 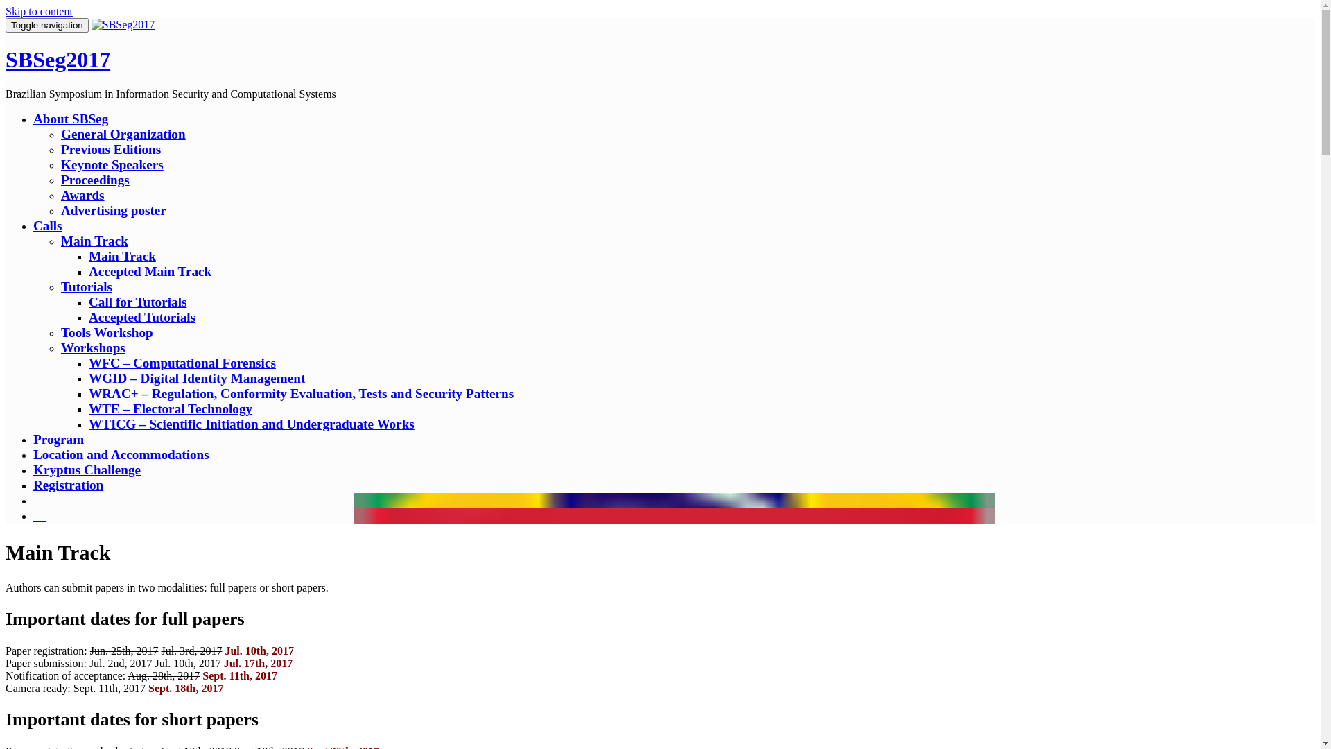 I want to click on 'Location and Accommodations', so click(x=121, y=454).